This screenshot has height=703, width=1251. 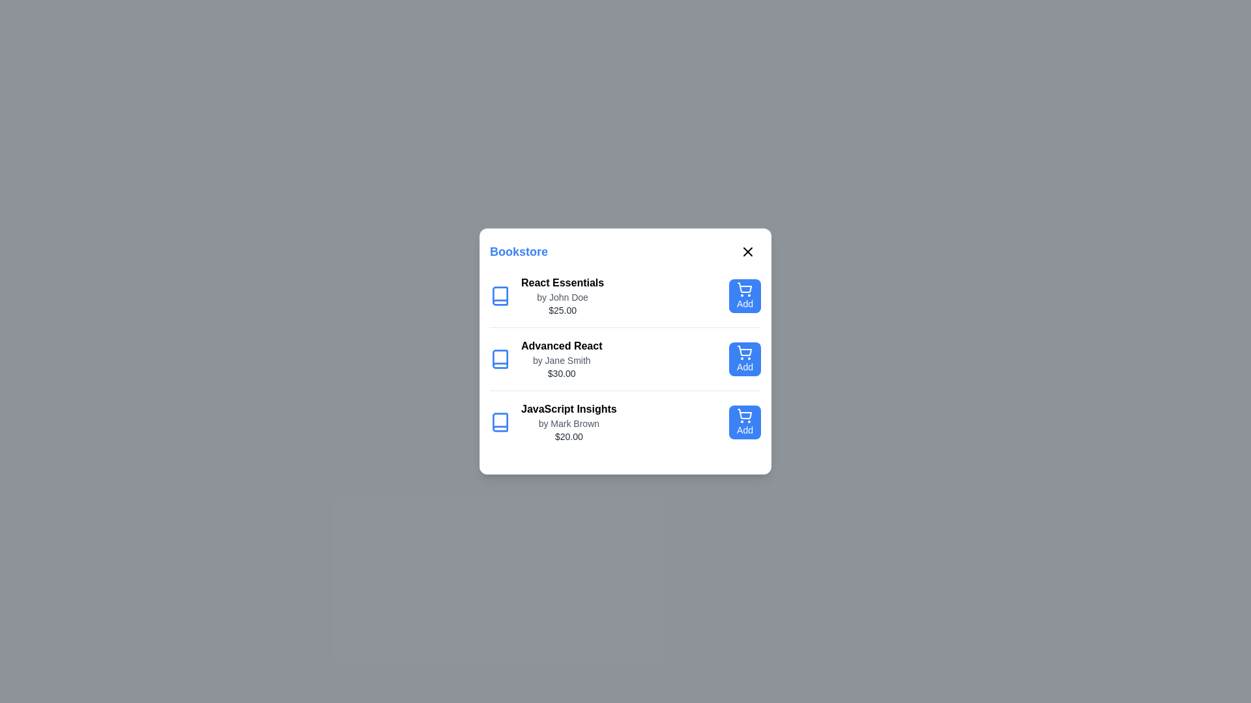 I want to click on the close button in the top-right corner of the dialog, so click(x=747, y=251).